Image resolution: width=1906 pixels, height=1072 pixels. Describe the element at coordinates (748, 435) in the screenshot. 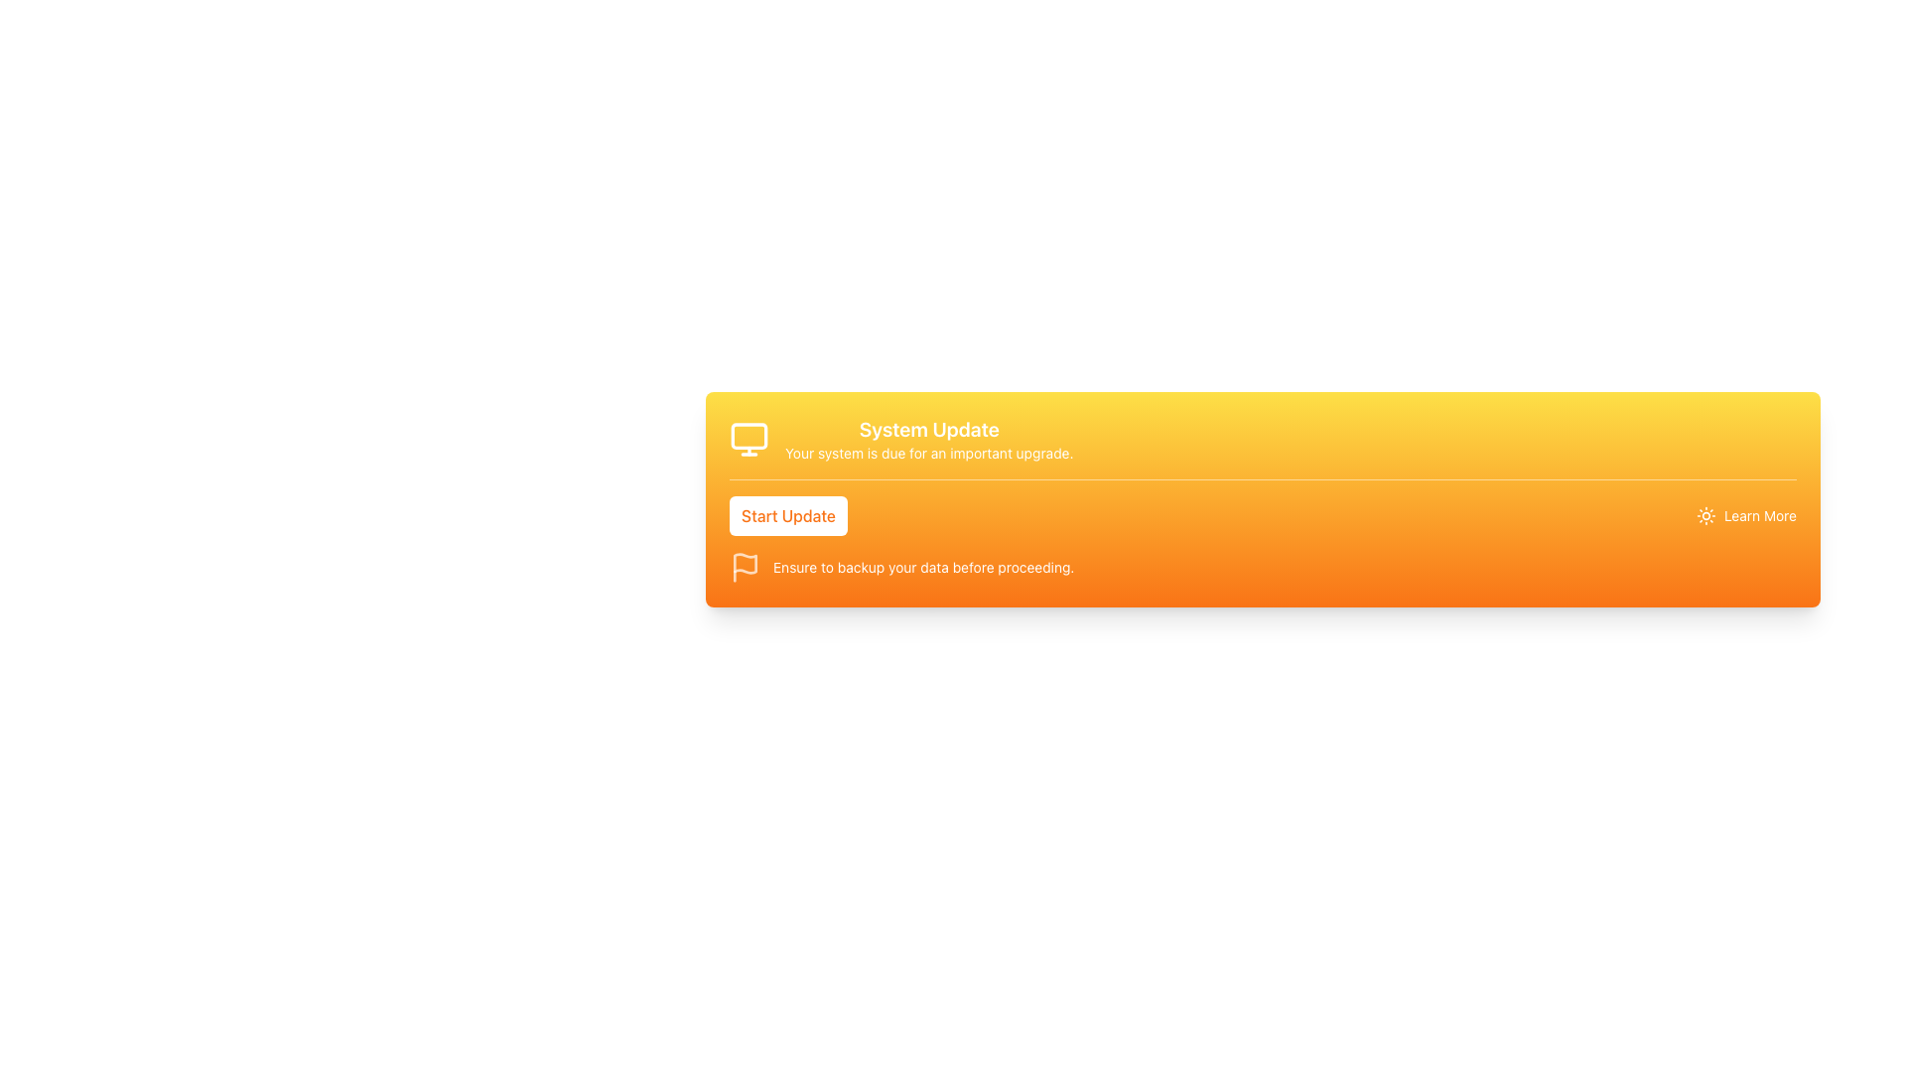

I see `the decorative graphical component within the monitor icon located in the top-left corner of the notification card` at that location.